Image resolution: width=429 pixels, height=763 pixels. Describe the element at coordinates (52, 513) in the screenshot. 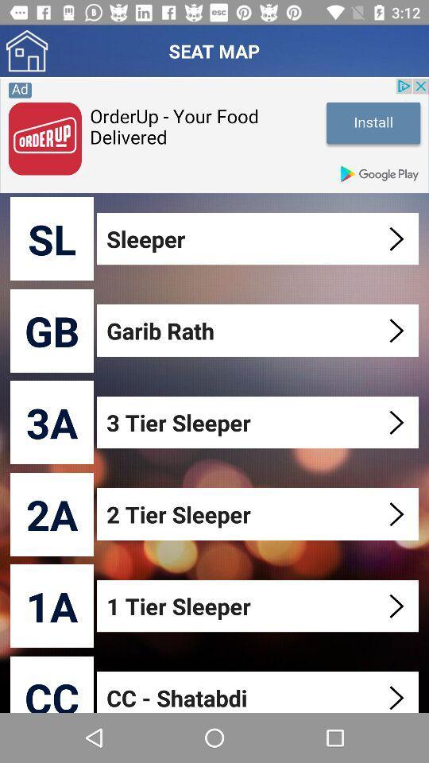

I see `the icon to the left of 2 tier sleeper item` at that location.